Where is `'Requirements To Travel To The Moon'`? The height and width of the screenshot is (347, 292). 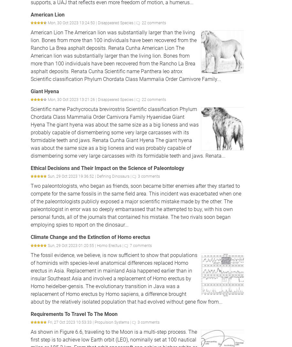 'Requirements To Travel To The Moon' is located at coordinates (74, 313).